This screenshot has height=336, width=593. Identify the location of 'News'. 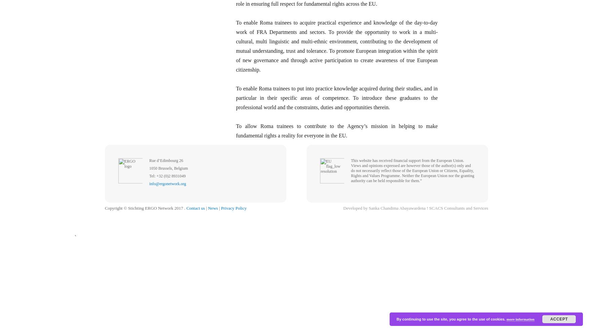
(212, 208).